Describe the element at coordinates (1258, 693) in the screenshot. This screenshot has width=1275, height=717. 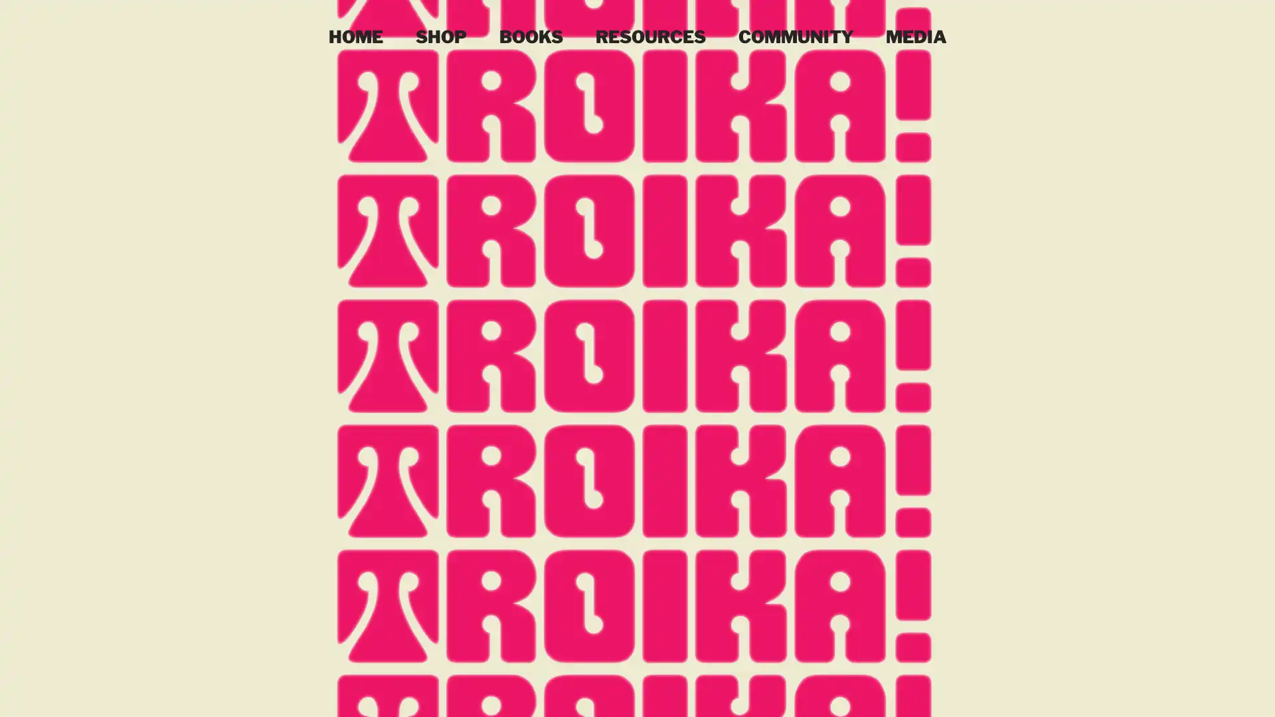
I see `Close` at that location.